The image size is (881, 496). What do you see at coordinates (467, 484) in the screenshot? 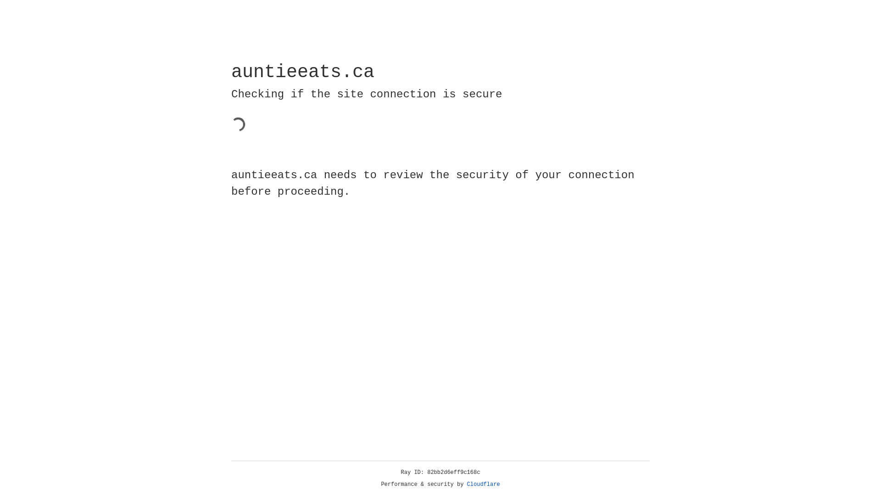
I see `'Cloudflare'` at bounding box center [467, 484].